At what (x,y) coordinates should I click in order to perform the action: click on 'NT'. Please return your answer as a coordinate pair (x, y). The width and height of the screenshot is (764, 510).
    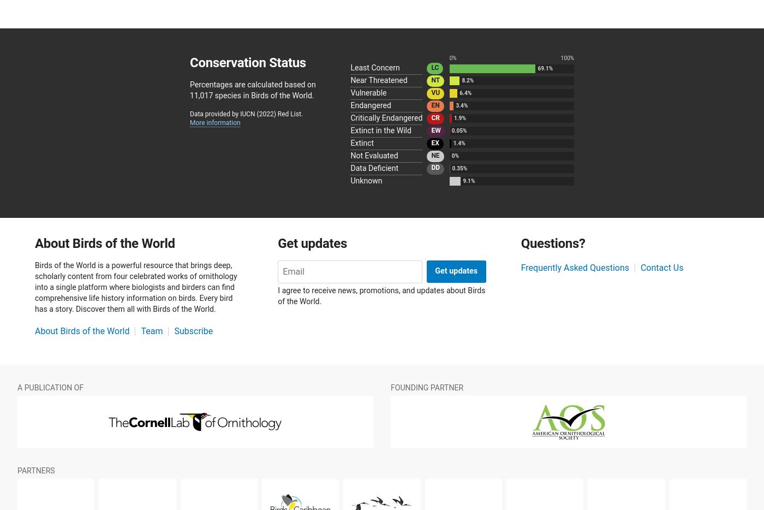
    Looking at the image, I should click on (435, 79).